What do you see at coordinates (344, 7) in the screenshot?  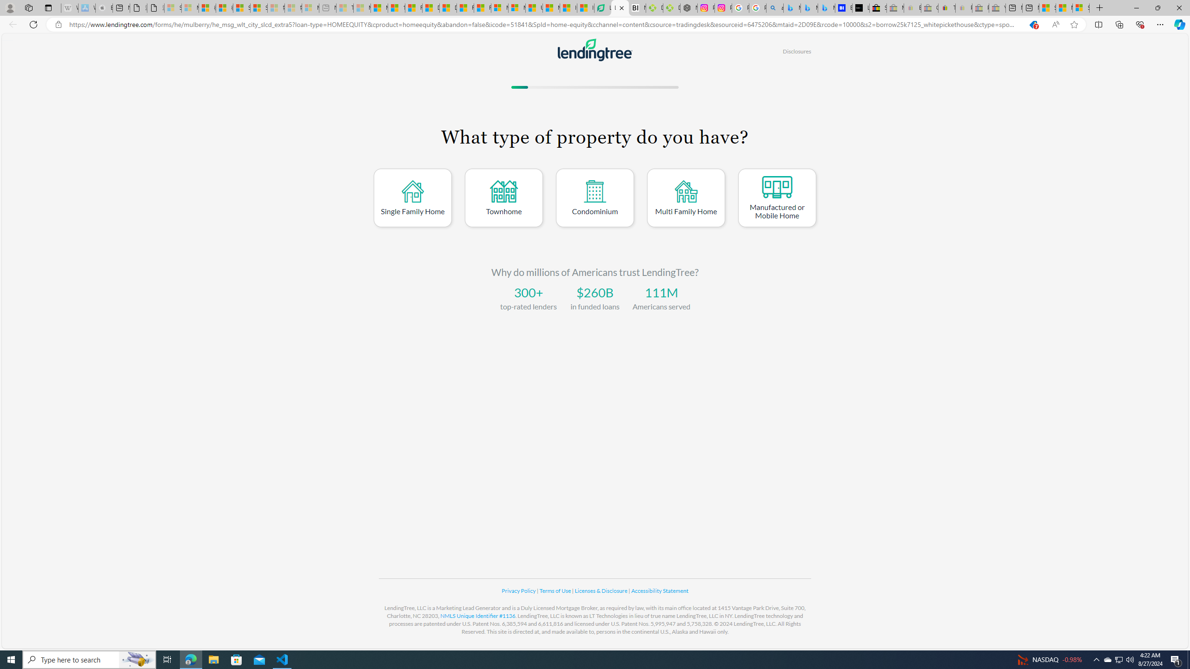 I see `'Top Stories - MSN - Sleeping'` at bounding box center [344, 7].